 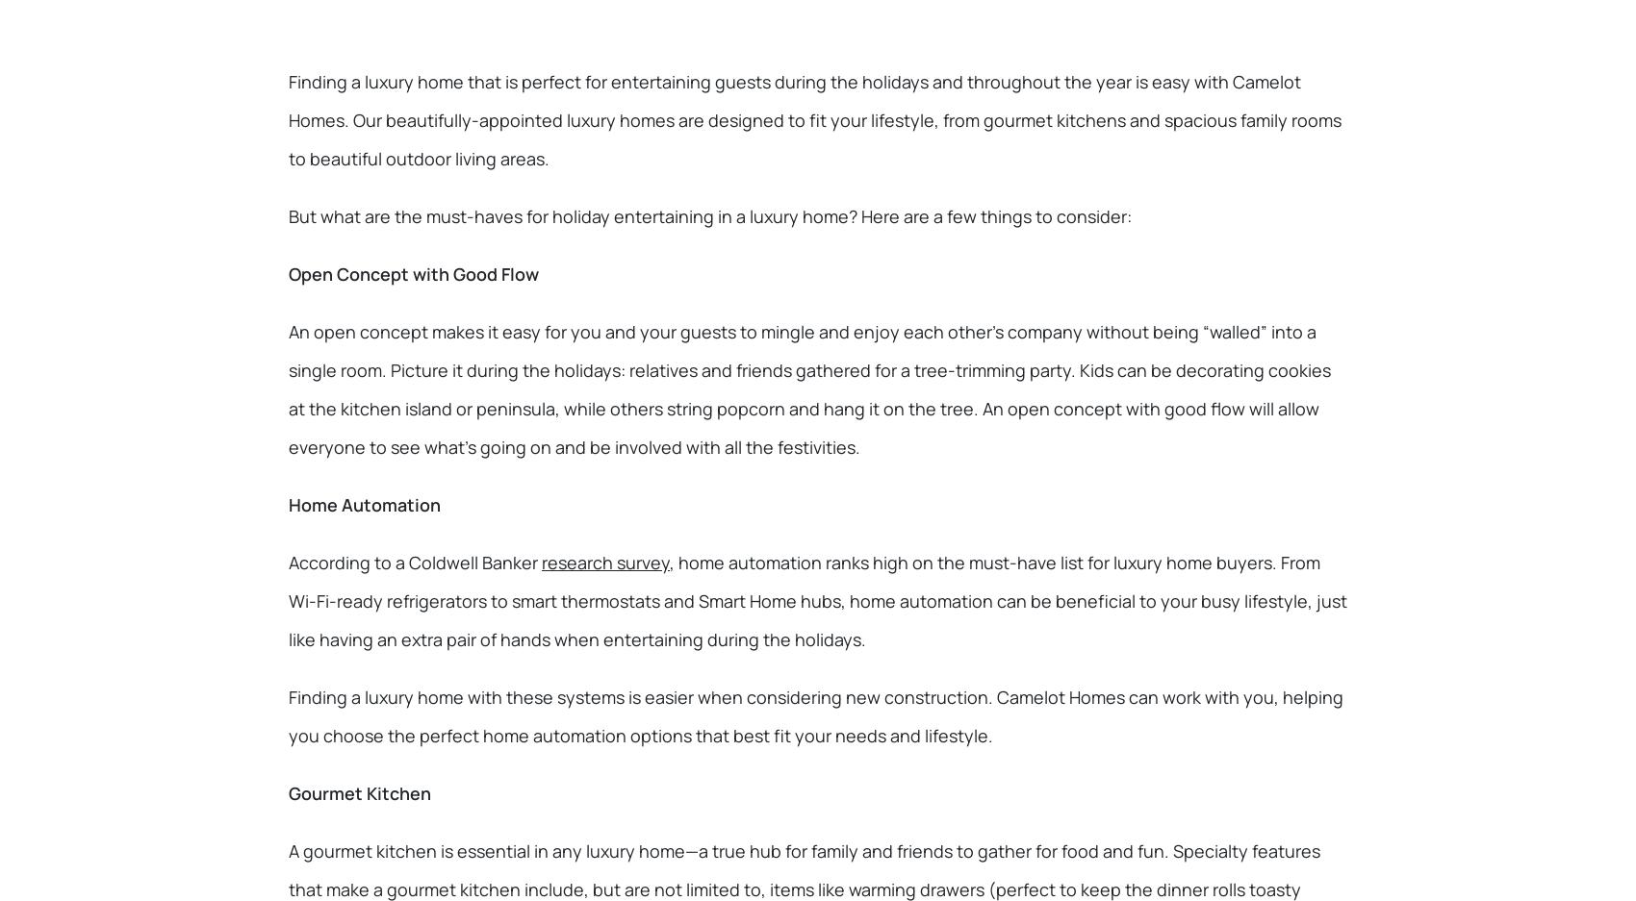 What do you see at coordinates (813, 119) in the screenshot?
I see `'Finding a luxury home that is perfect for entertaining guests during the holidays and throughout the year is easy with Camelot Homes. Our beautifully-appointed luxury homes are designed to fit your lifestyle, from gourmet kitchens and spacious family rooms to beautiful outdoor living areas.'` at bounding box center [813, 119].